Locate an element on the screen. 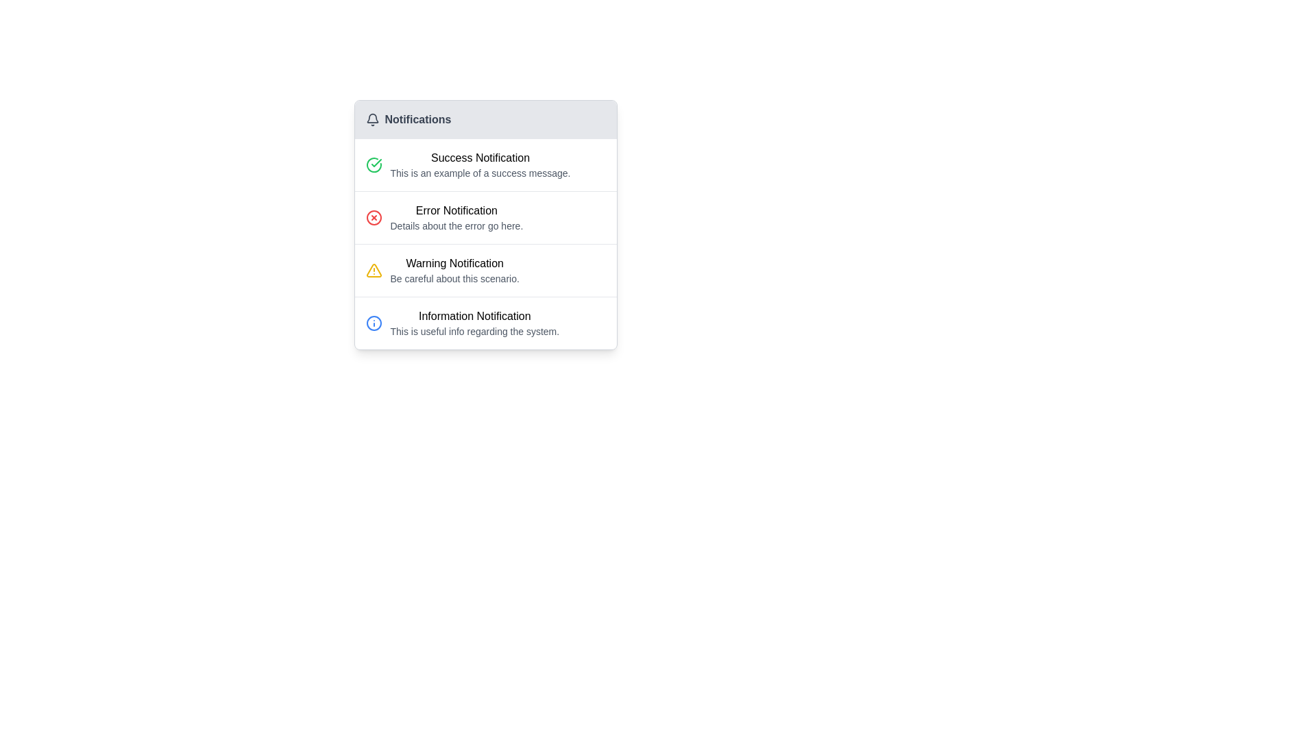 The height and width of the screenshot is (740, 1316). text label that says 'Error Notification', which is the title of the second notification in the notification list is located at coordinates (456, 211).